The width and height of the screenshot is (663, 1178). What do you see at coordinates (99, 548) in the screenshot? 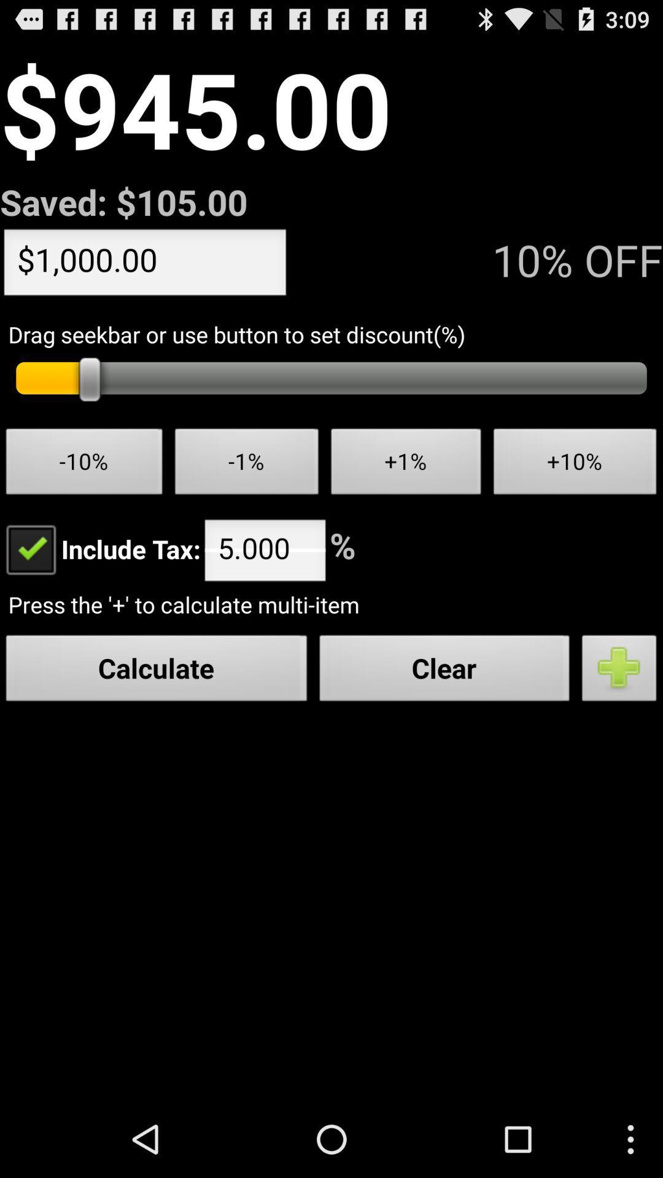
I see `include tax:` at bounding box center [99, 548].